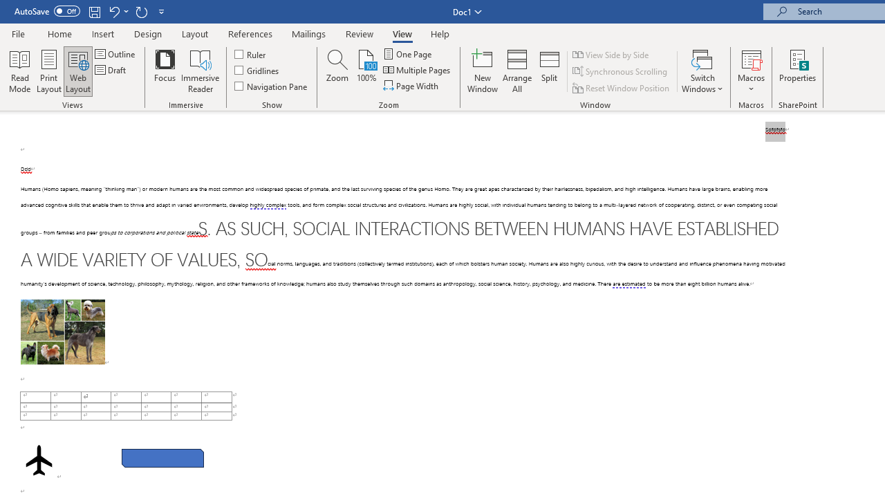 The width and height of the screenshot is (885, 498). I want to click on 'Outline', so click(116, 53).